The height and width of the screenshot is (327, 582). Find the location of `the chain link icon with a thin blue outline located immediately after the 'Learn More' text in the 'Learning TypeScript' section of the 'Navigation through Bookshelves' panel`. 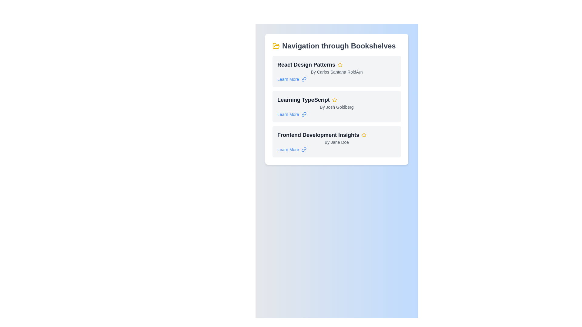

the chain link icon with a thin blue outline located immediately after the 'Learn More' text in the 'Learning TypeScript' section of the 'Navigation through Bookshelves' panel is located at coordinates (304, 149).